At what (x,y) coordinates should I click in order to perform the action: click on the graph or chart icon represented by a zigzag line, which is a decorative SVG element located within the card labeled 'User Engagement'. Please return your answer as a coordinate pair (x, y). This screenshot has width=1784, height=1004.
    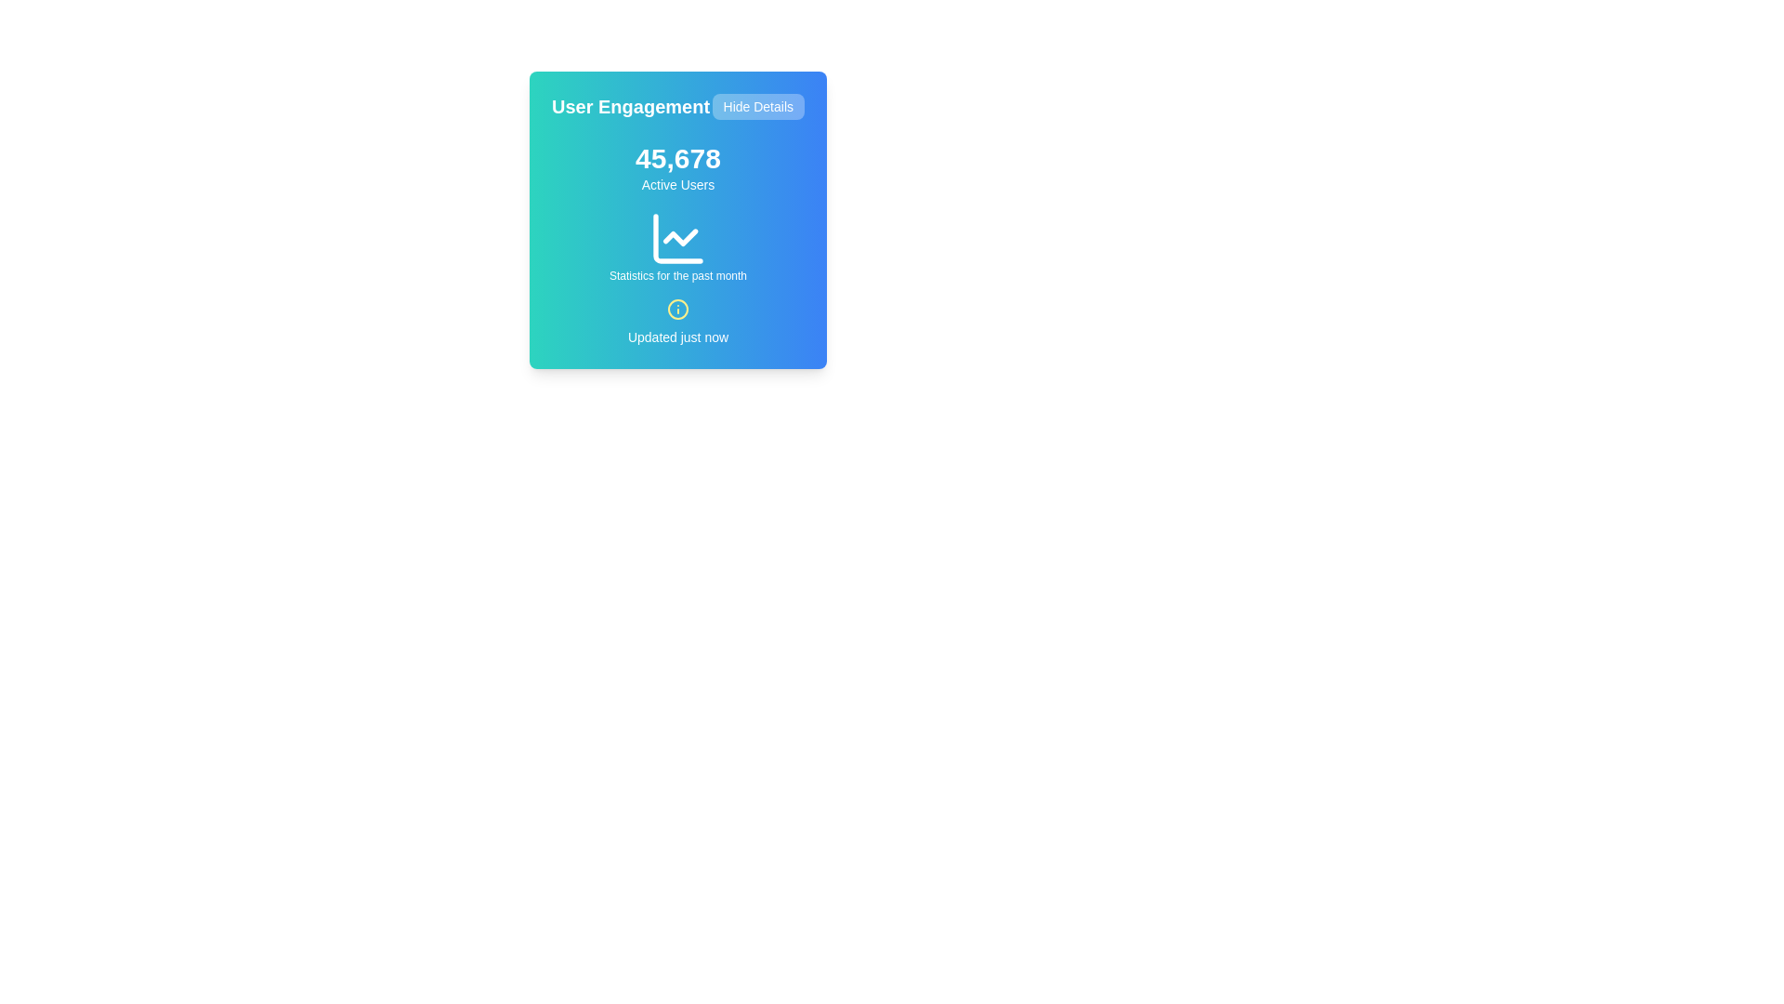
    Looking at the image, I should click on (679, 236).